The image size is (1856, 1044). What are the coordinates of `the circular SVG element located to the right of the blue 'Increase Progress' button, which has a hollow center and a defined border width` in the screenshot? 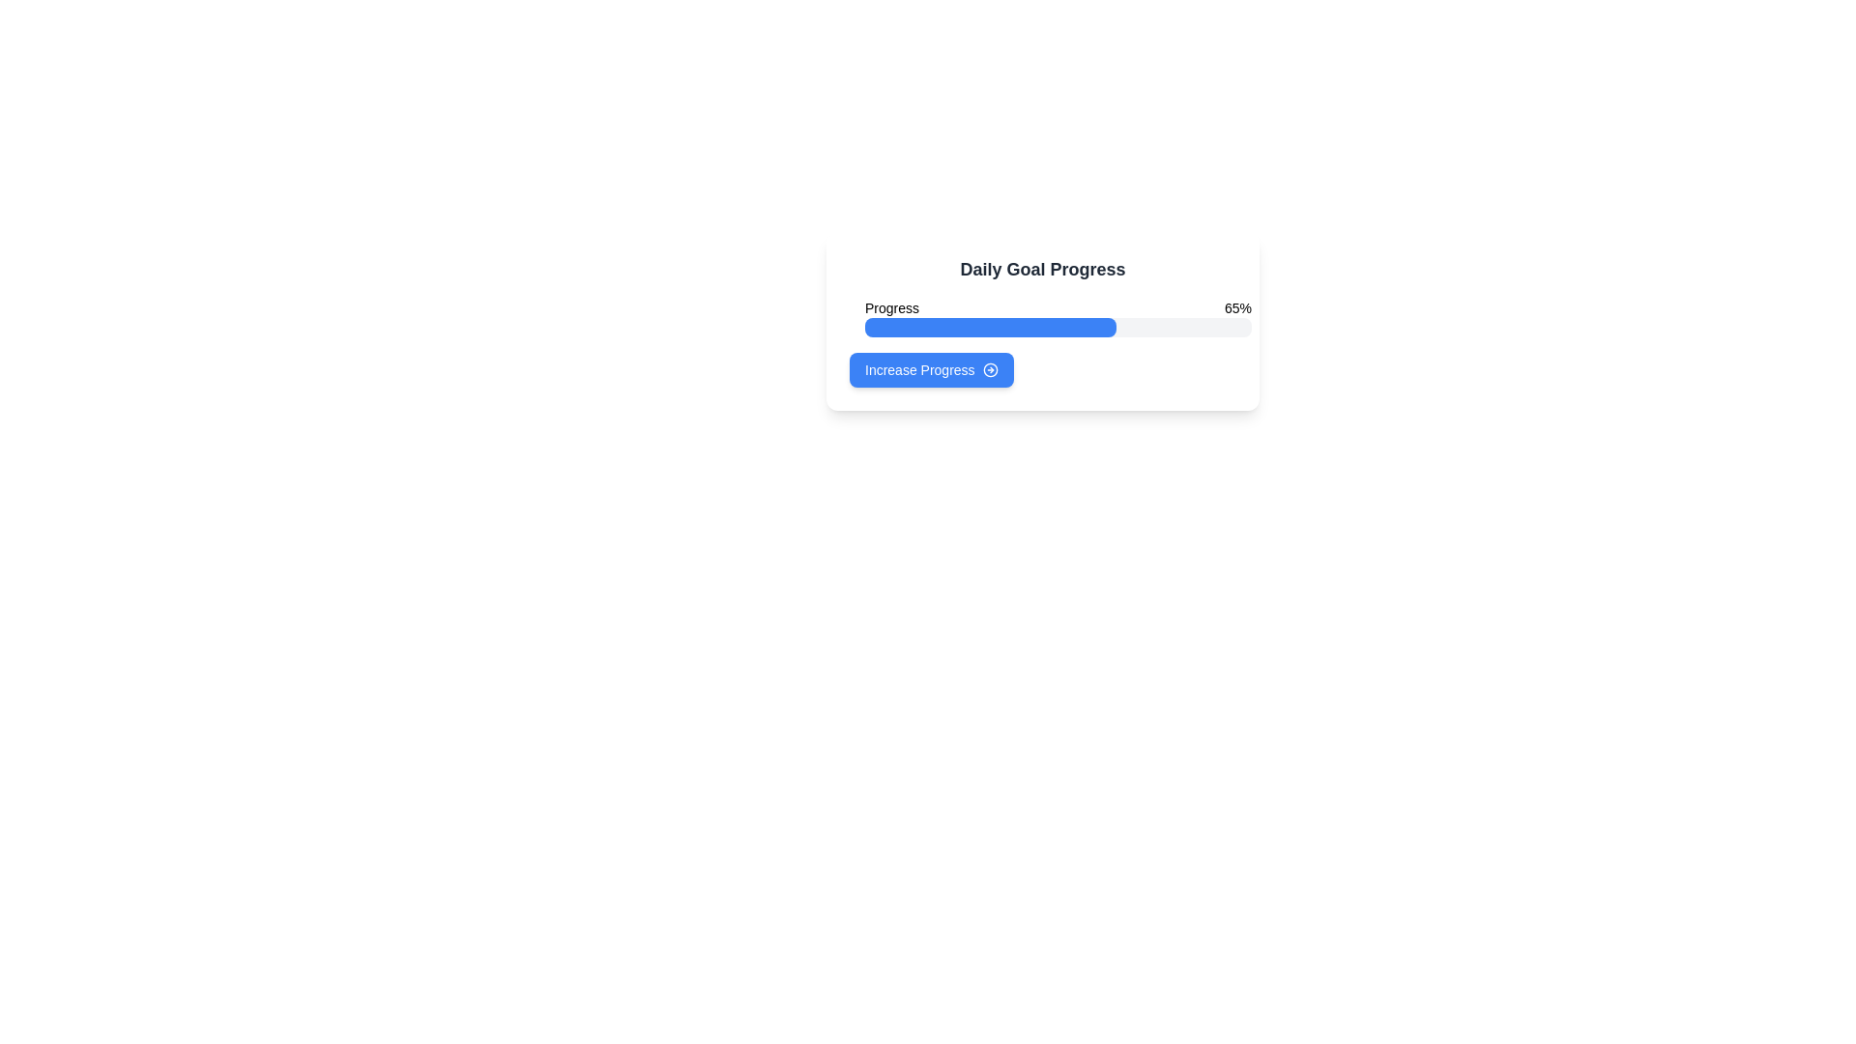 It's located at (990, 369).